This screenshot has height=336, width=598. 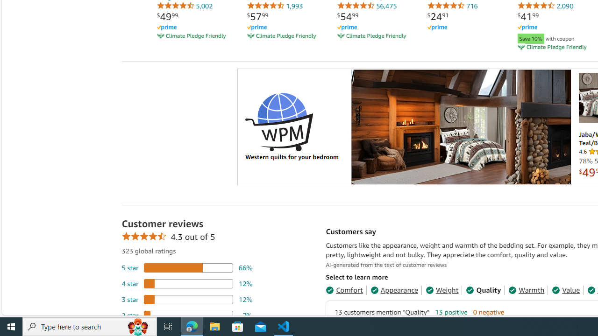 I want to click on '2,090', so click(x=545, y=6).